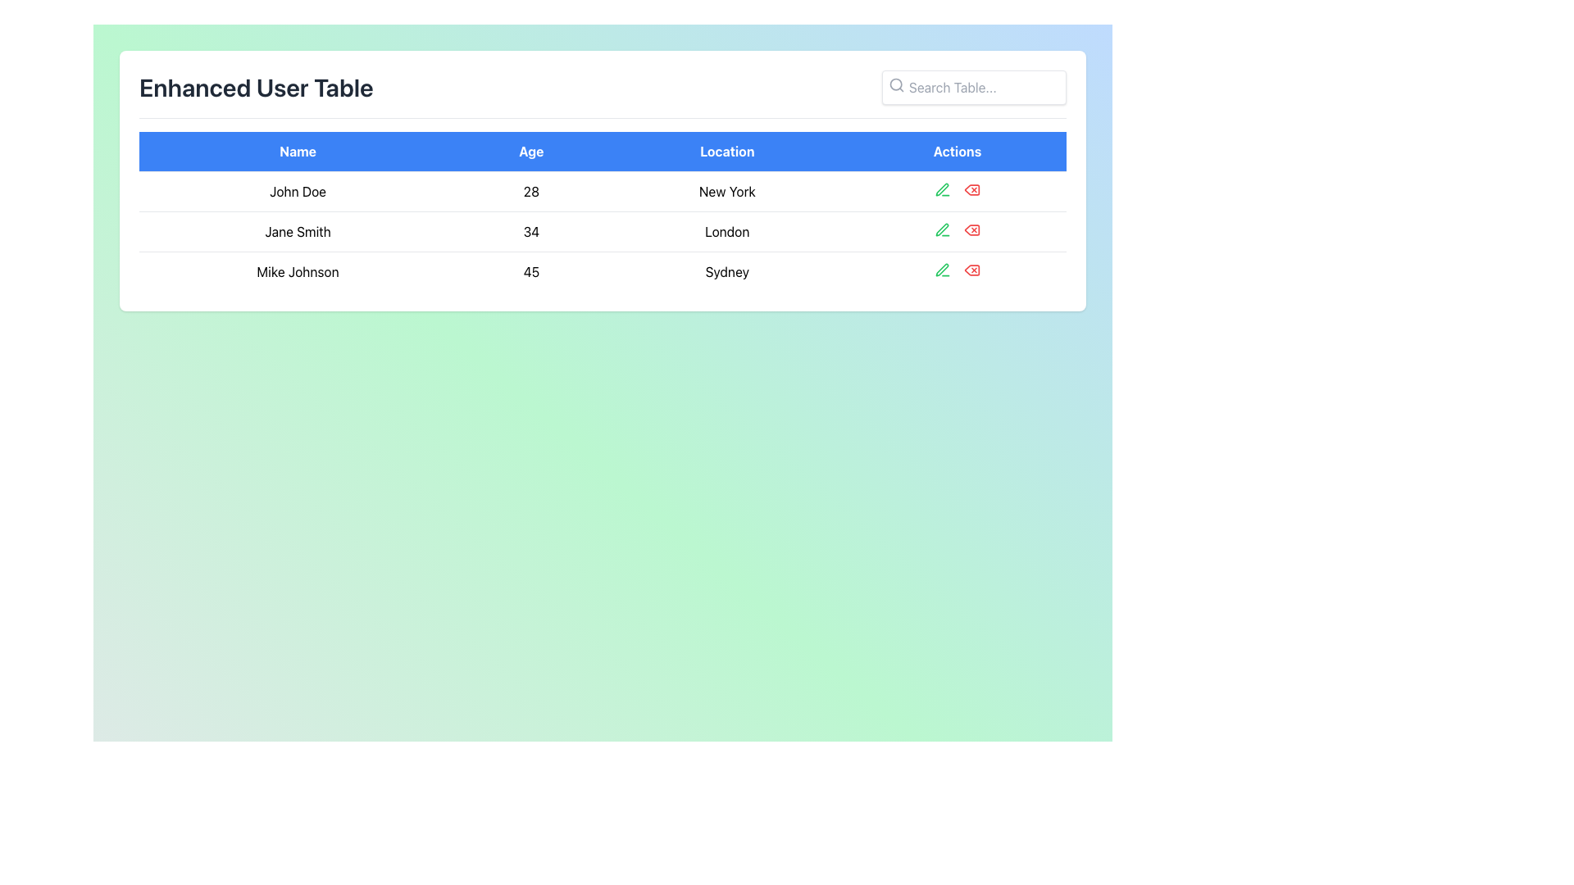  What do you see at coordinates (896, 85) in the screenshot?
I see `the search icon located at the top-right corner of the interface, to the left of the search input box with the placeholder text 'Search Table...'` at bounding box center [896, 85].